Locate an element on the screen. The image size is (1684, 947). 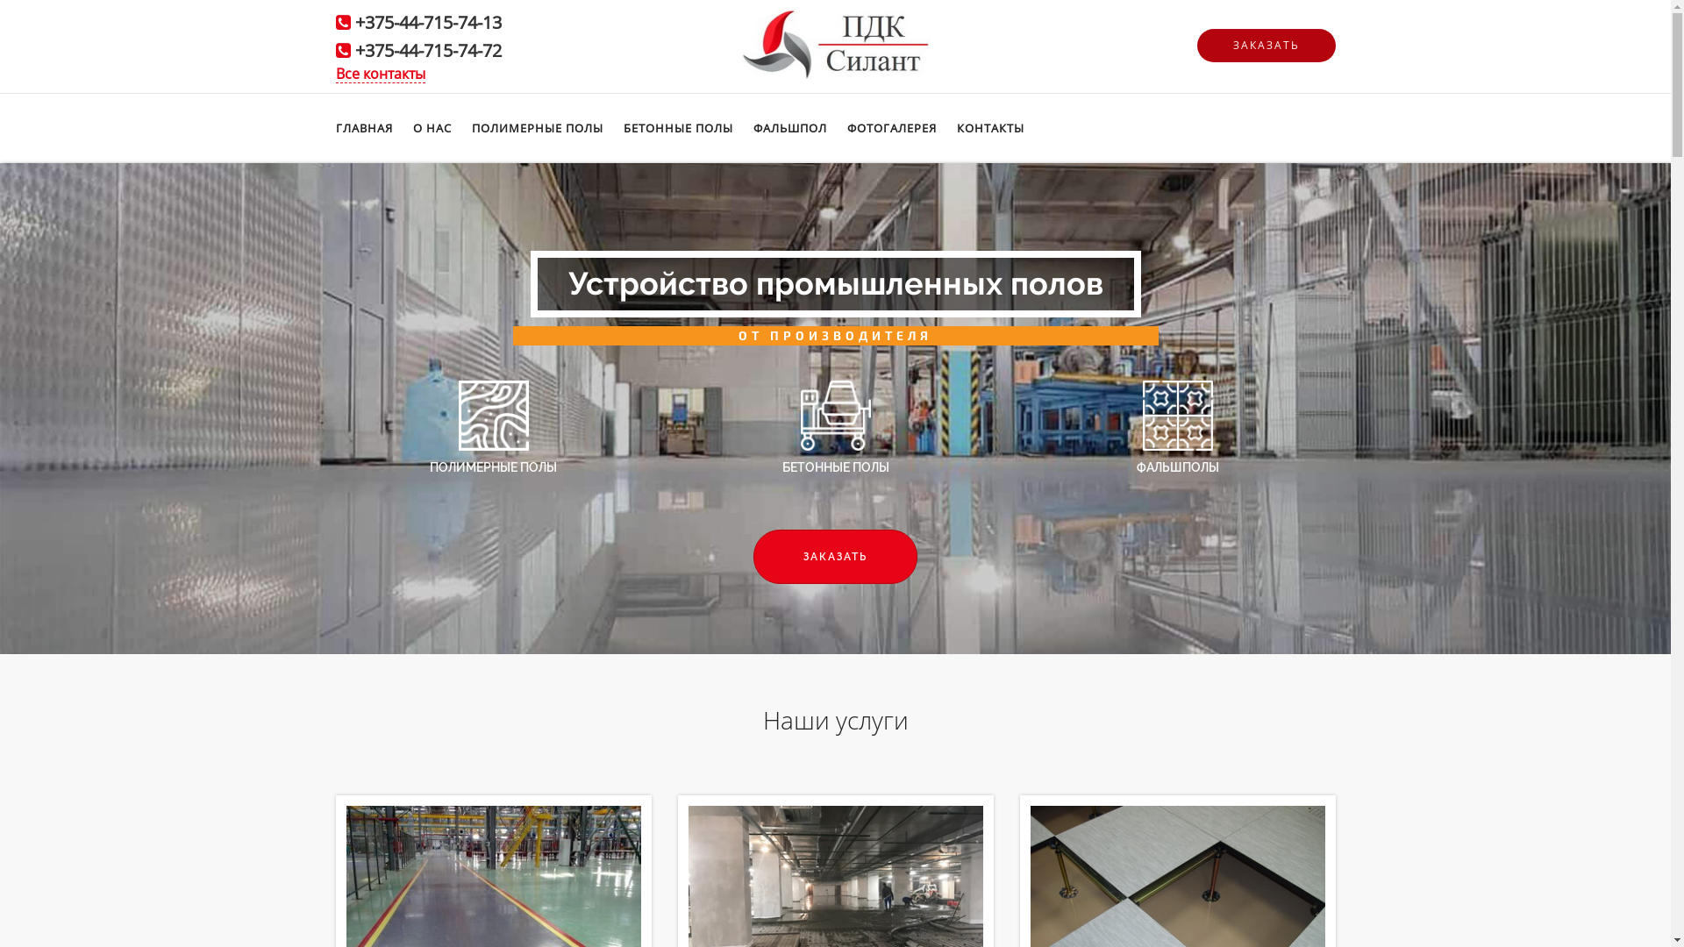
'Logo' is located at coordinates (740, 41).